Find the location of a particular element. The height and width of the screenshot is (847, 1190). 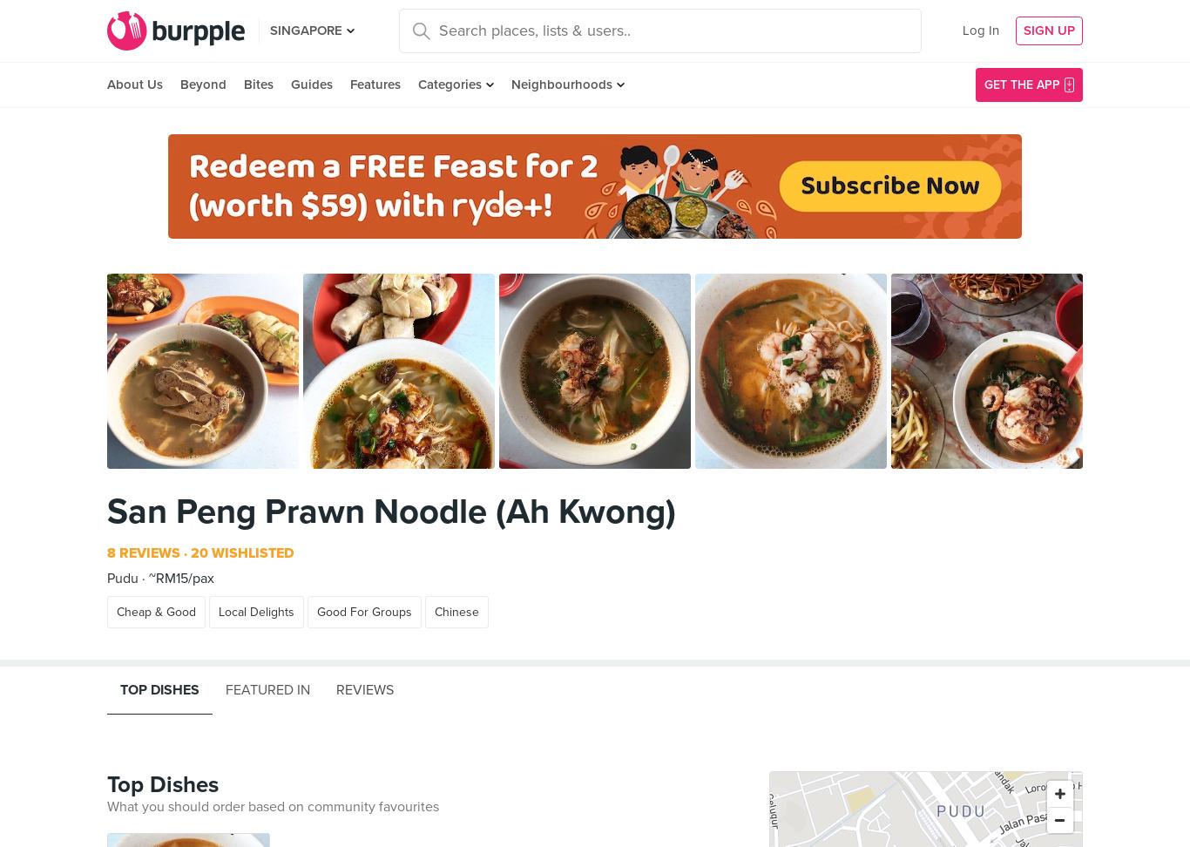

'20 Wishlisted' is located at coordinates (240, 553).